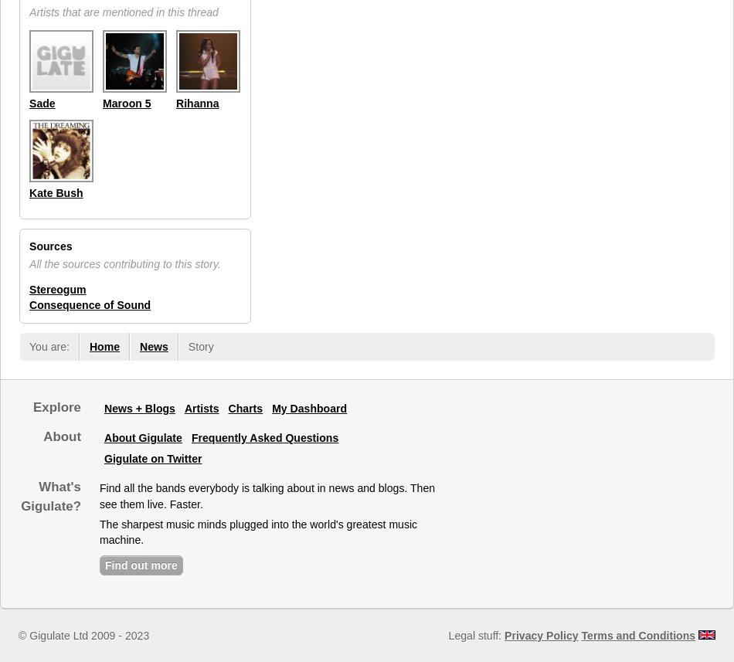  Describe the element at coordinates (580, 634) in the screenshot. I see `'Terms and Conditions'` at that location.